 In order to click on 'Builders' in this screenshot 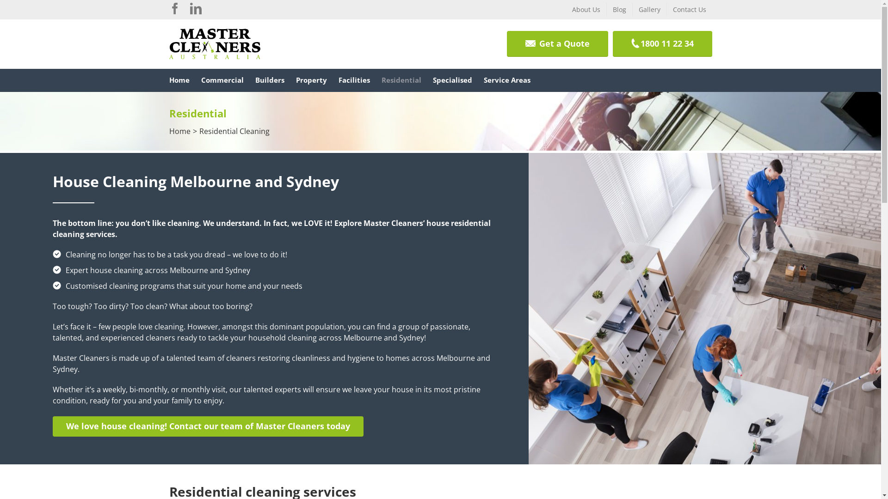, I will do `click(269, 79)`.